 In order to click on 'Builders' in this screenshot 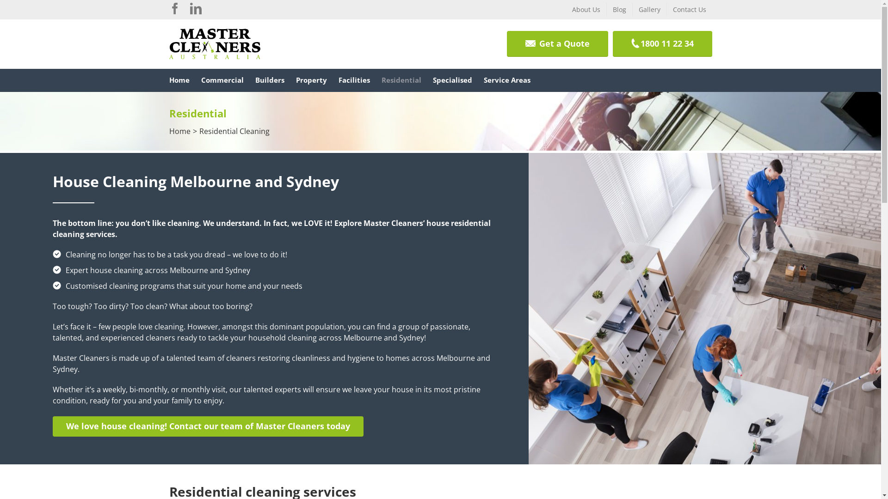, I will do `click(269, 79)`.